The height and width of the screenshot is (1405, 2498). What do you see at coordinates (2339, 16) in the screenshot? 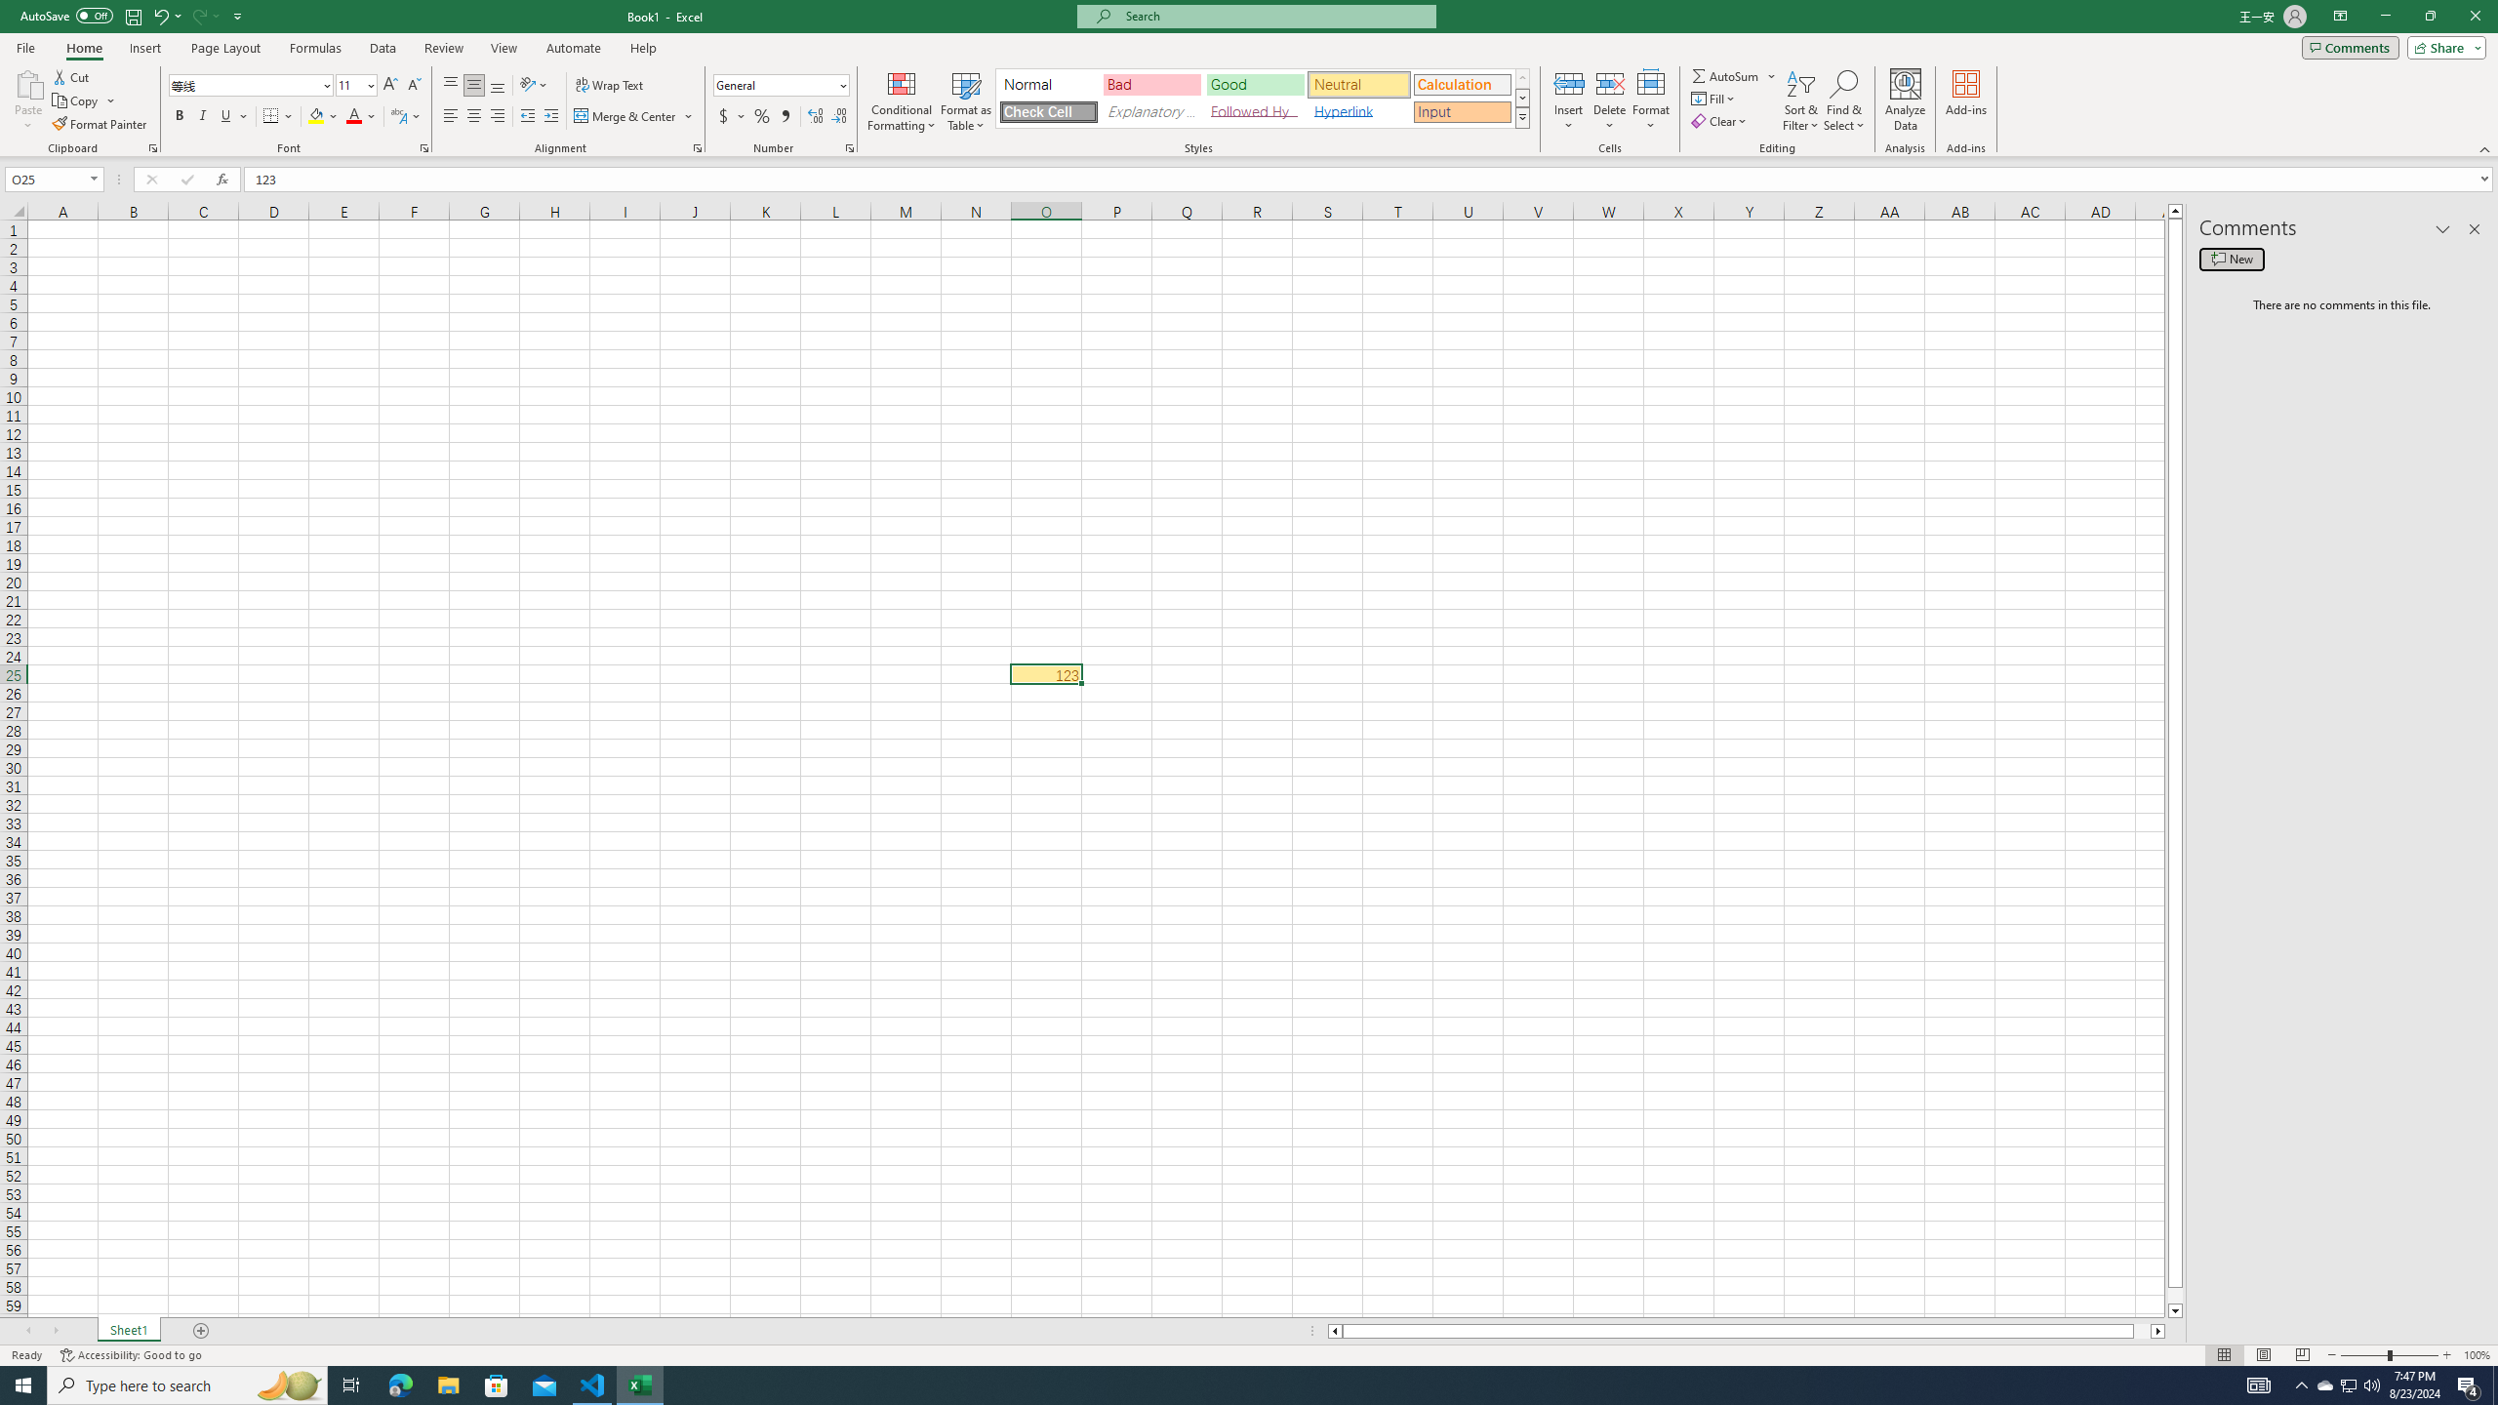
I see `'Ribbon Display Options'` at bounding box center [2339, 16].